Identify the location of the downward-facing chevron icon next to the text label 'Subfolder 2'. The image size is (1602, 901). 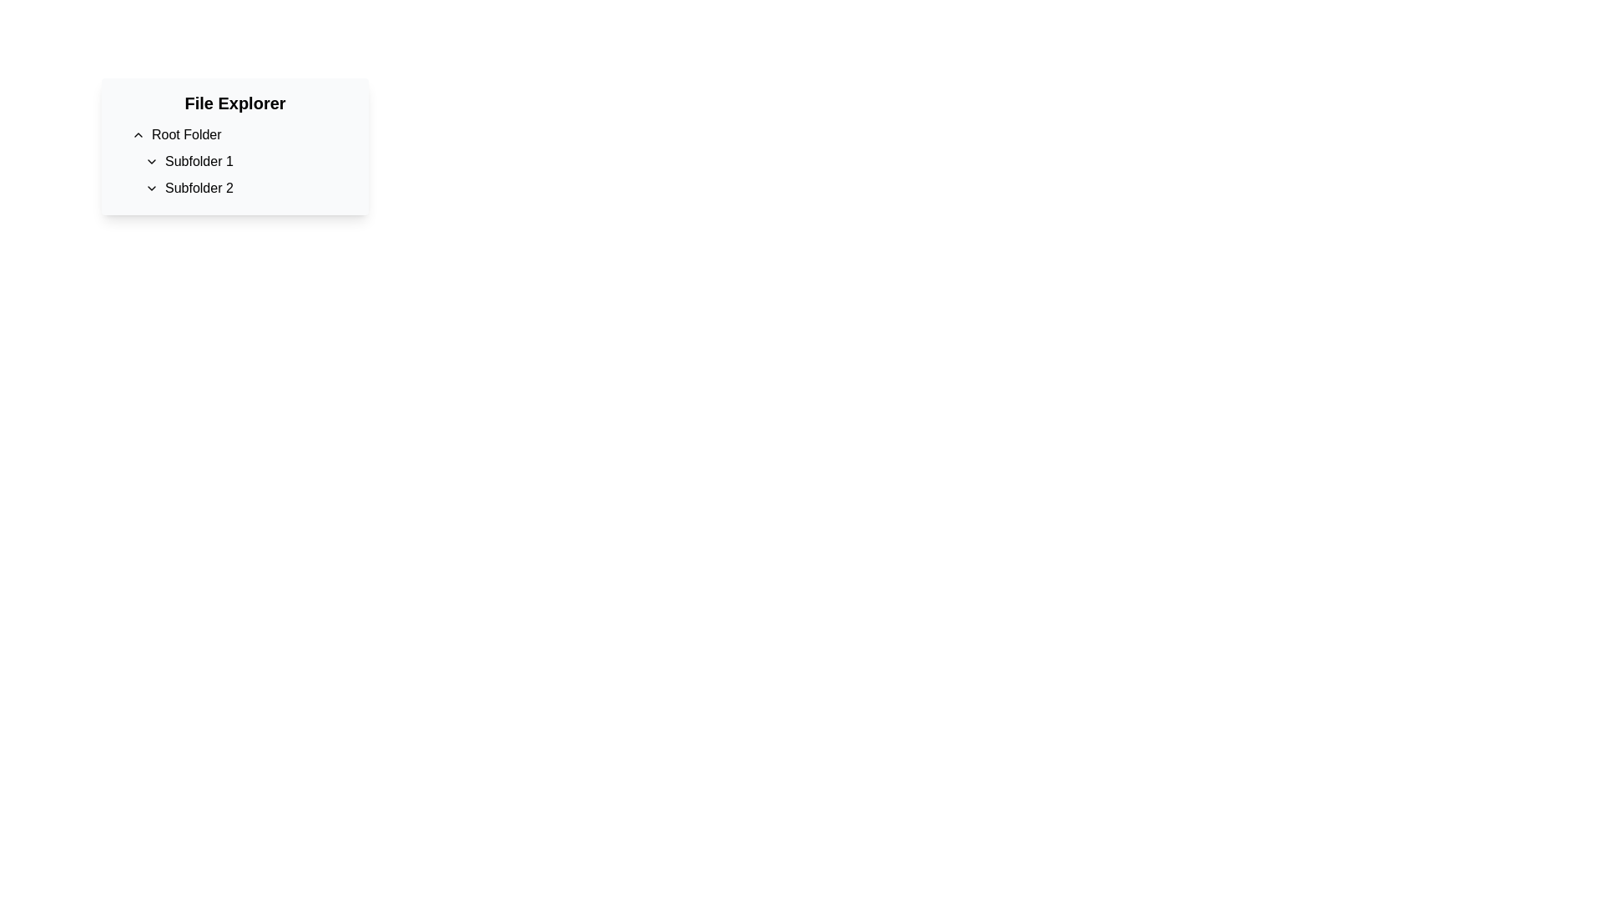
(152, 188).